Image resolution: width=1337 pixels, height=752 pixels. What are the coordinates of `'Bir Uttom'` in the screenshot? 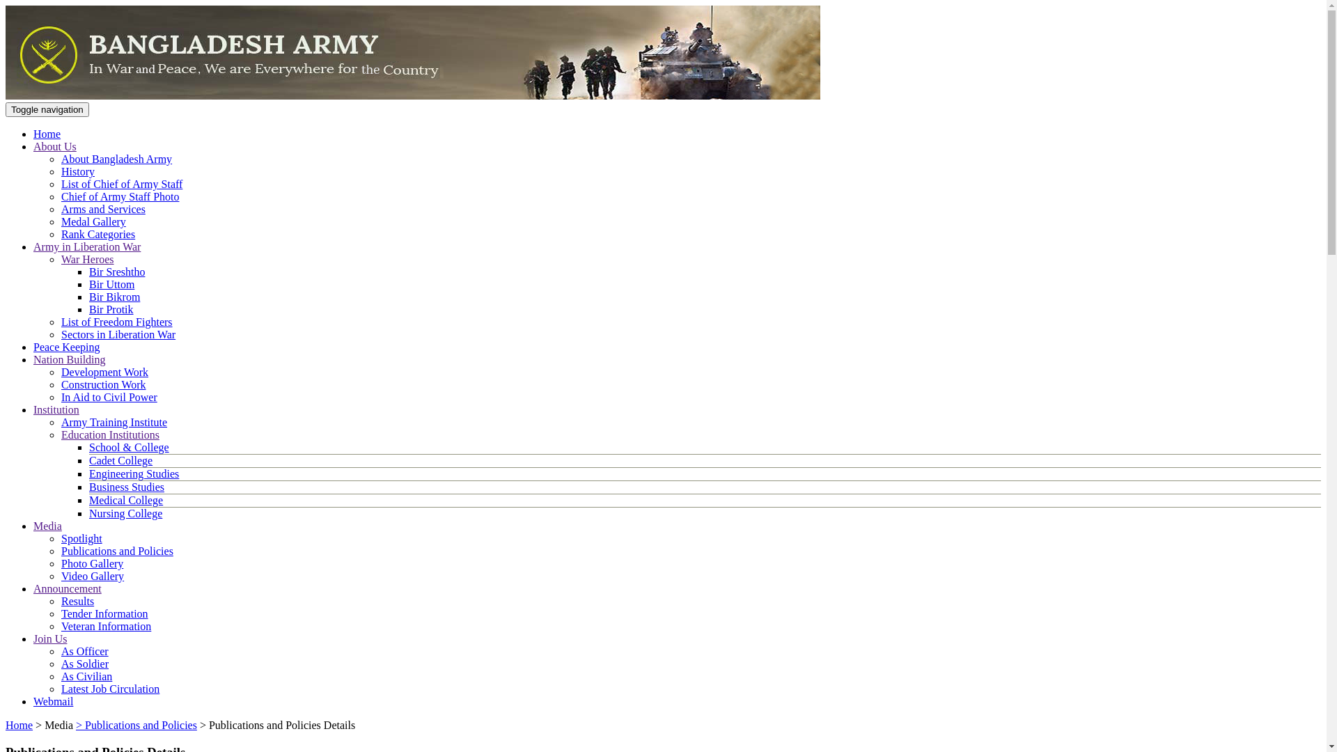 It's located at (111, 283).